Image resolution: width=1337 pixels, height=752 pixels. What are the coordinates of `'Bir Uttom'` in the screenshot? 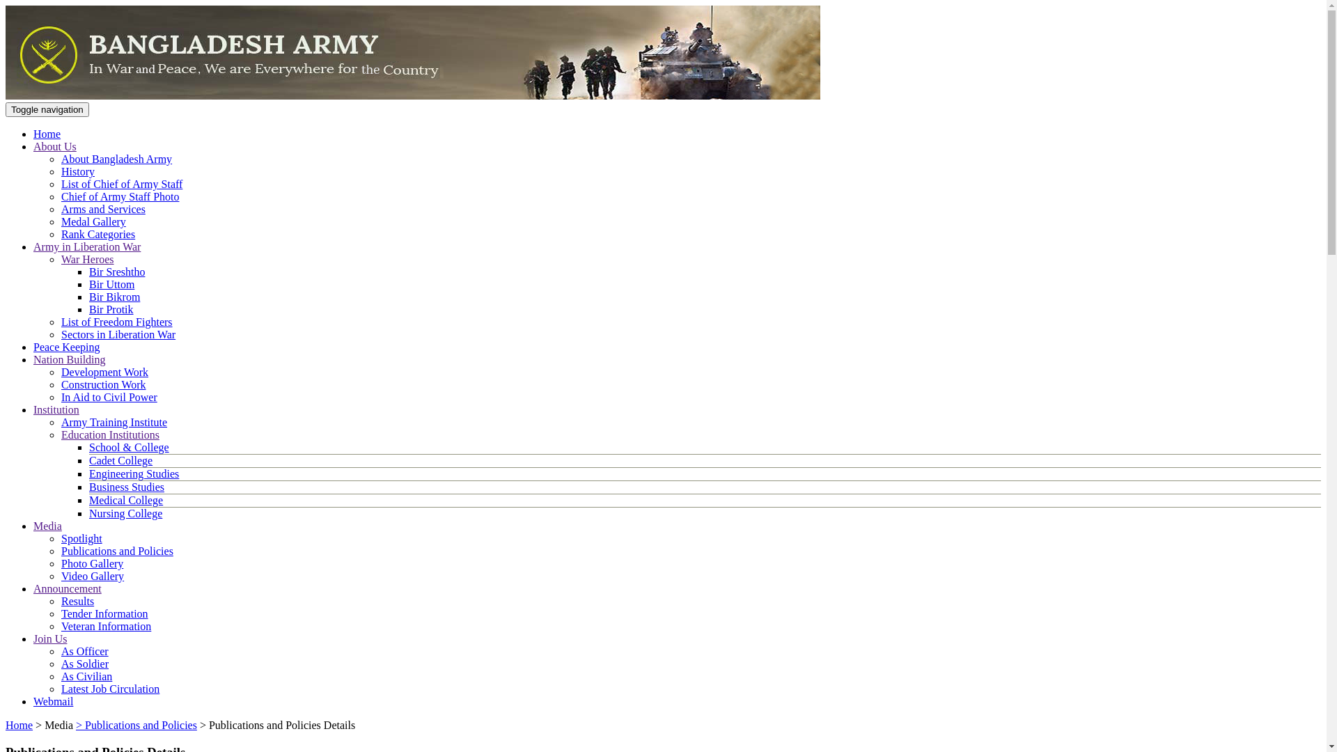 It's located at (111, 283).